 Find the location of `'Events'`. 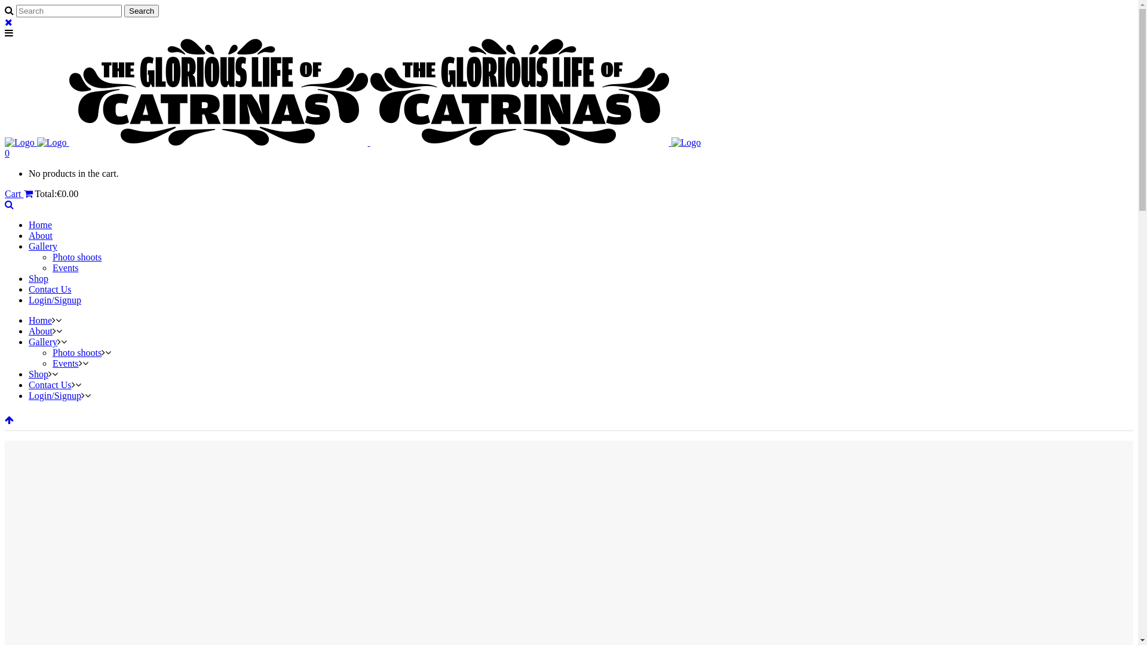

'Events' is located at coordinates (51, 363).